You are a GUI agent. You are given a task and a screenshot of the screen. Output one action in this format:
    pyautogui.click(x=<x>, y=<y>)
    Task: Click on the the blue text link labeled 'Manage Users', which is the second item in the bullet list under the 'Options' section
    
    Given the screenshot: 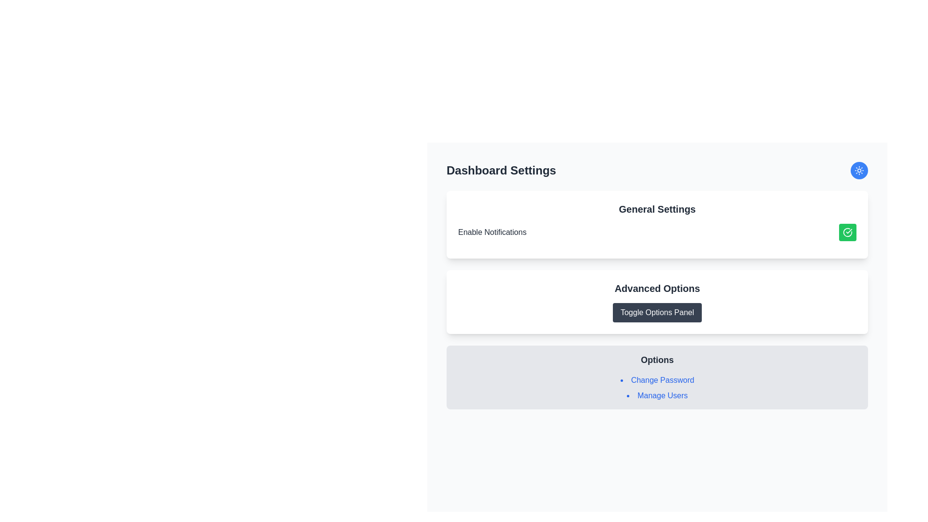 What is the action you would take?
    pyautogui.click(x=657, y=395)
    